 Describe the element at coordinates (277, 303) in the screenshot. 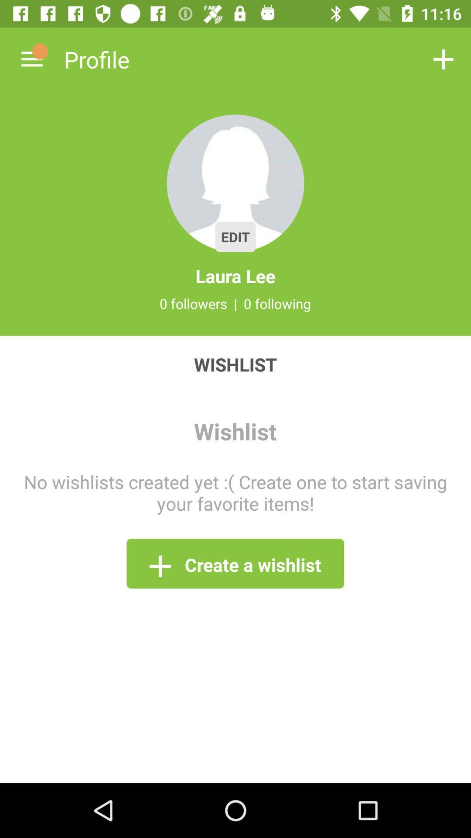

I see `0 following` at that location.